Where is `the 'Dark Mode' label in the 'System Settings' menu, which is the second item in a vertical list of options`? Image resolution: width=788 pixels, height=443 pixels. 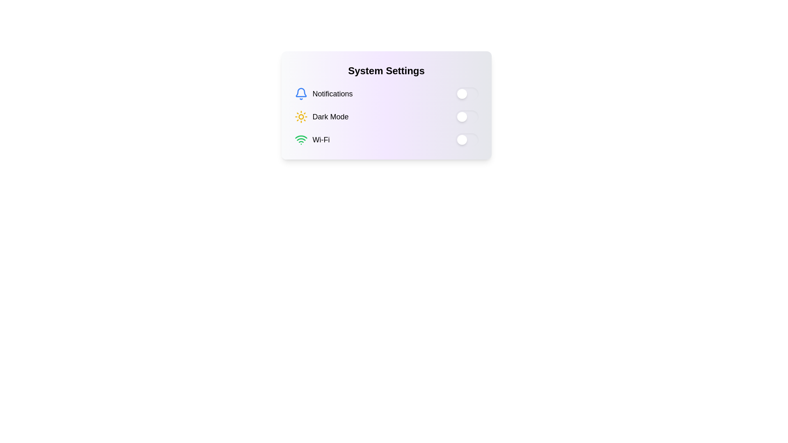 the 'Dark Mode' label in the 'System Settings' menu, which is the second item in a vertical list of options is located at coordinates (321, 117).